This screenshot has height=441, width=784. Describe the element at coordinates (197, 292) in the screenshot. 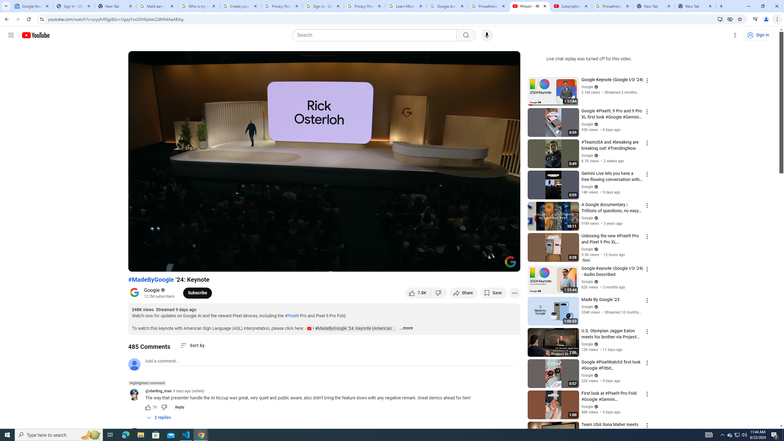

I see `'Subscribe to Google.'` at that location.